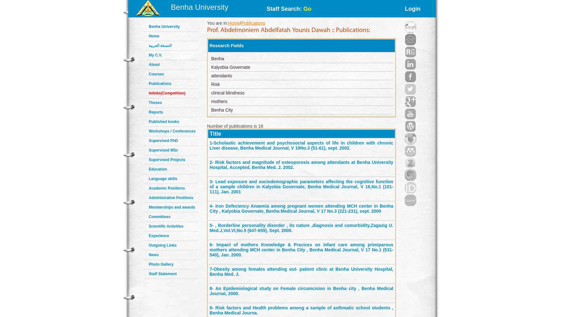 The image size is (564, 317). What do you see at coordinates (171, 197) in the screenshot?
I see `'Administrative Positions'` at bounding box center [171, 197].